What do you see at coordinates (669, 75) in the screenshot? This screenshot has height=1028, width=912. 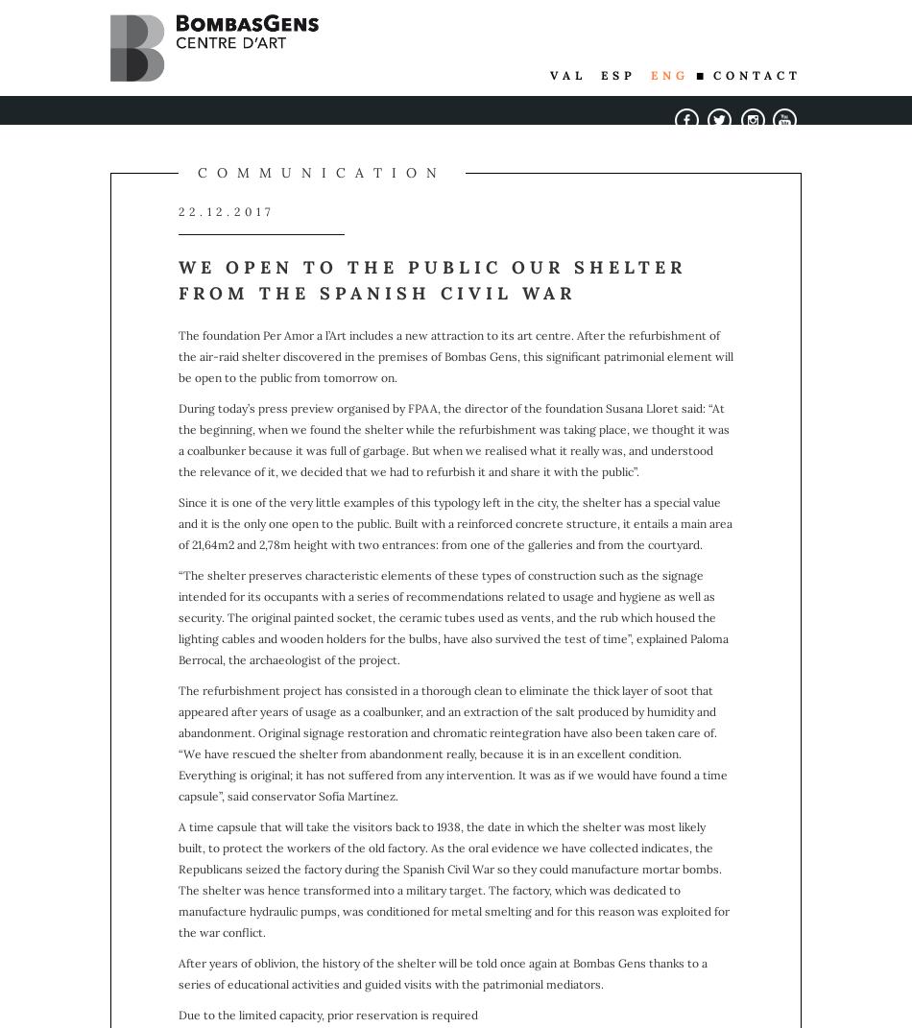 I see `'ENG'` at bounding box center [669, 75].